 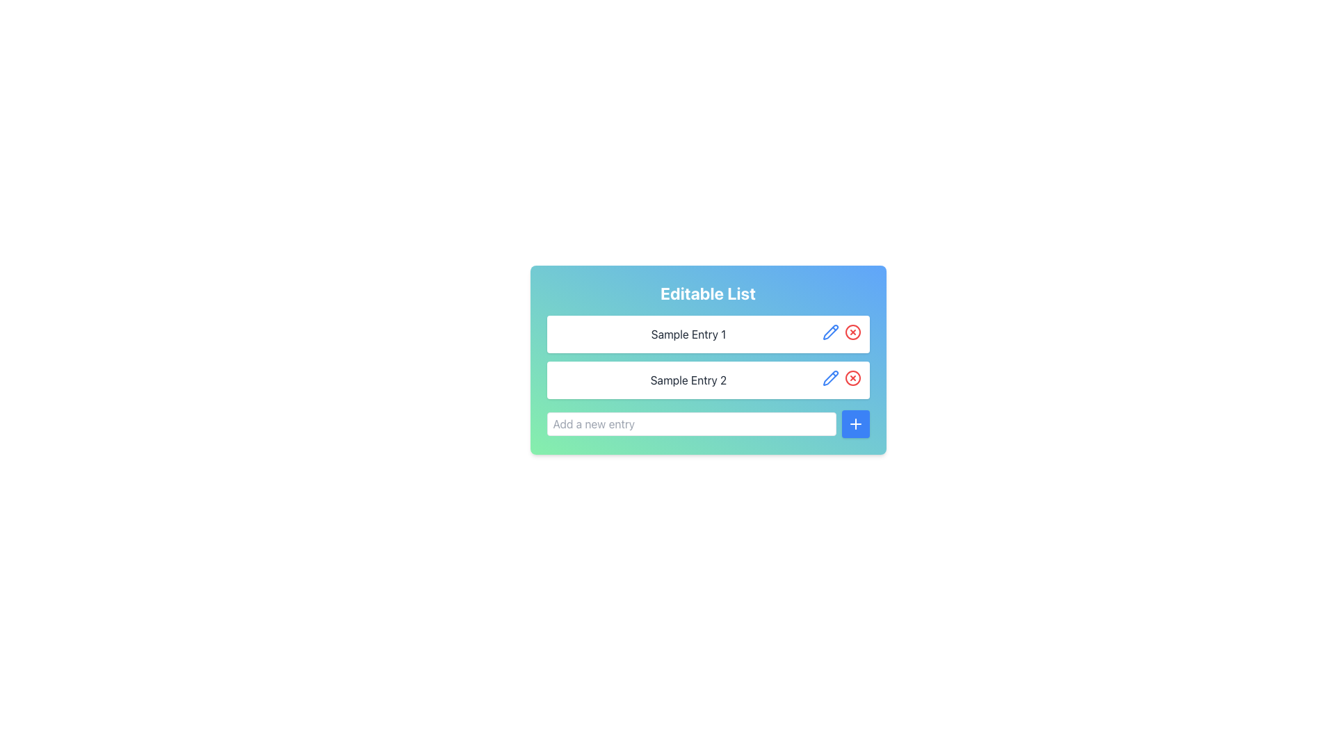 I want to click on the static label displaying the title 'Sample Entry 2' located within the second entry box of the editable list interface, so click(x=688, y=380).